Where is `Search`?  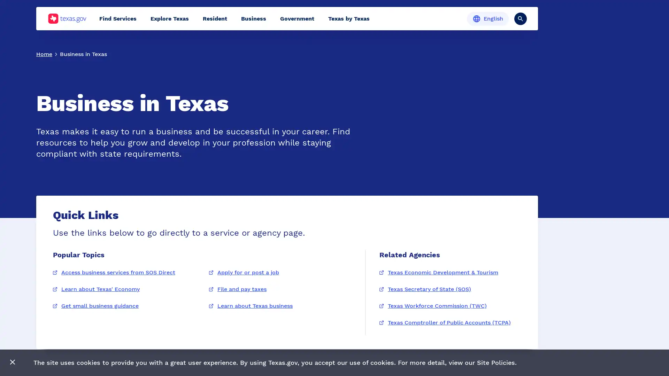 Search is located at coordinates (520, 18).